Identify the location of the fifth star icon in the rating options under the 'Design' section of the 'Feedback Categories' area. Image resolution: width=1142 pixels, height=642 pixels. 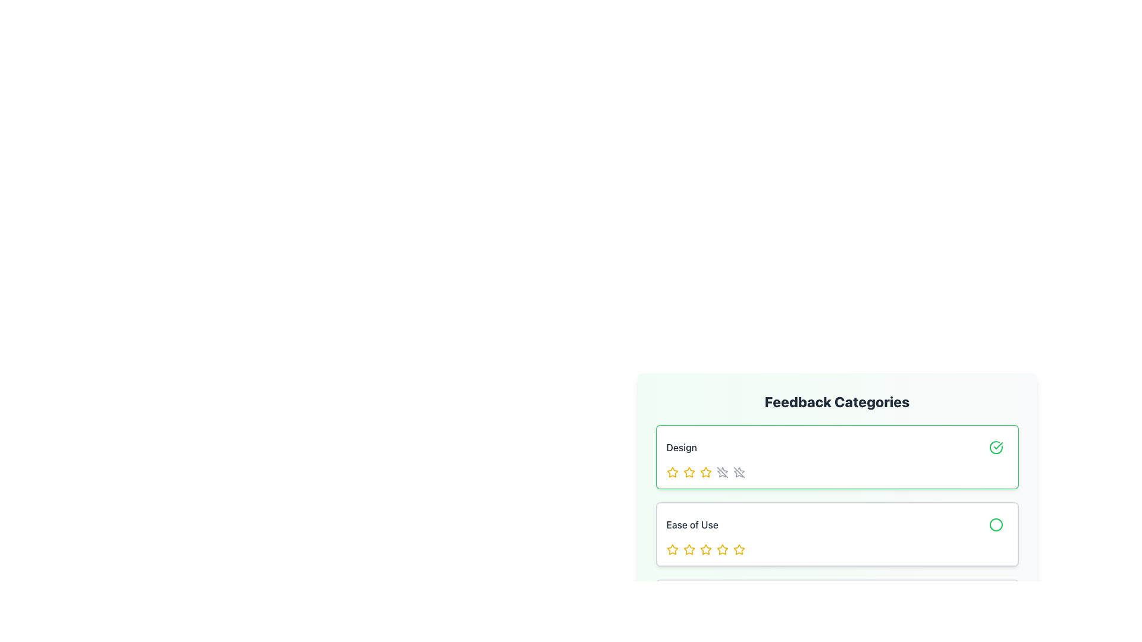
(738, 471).